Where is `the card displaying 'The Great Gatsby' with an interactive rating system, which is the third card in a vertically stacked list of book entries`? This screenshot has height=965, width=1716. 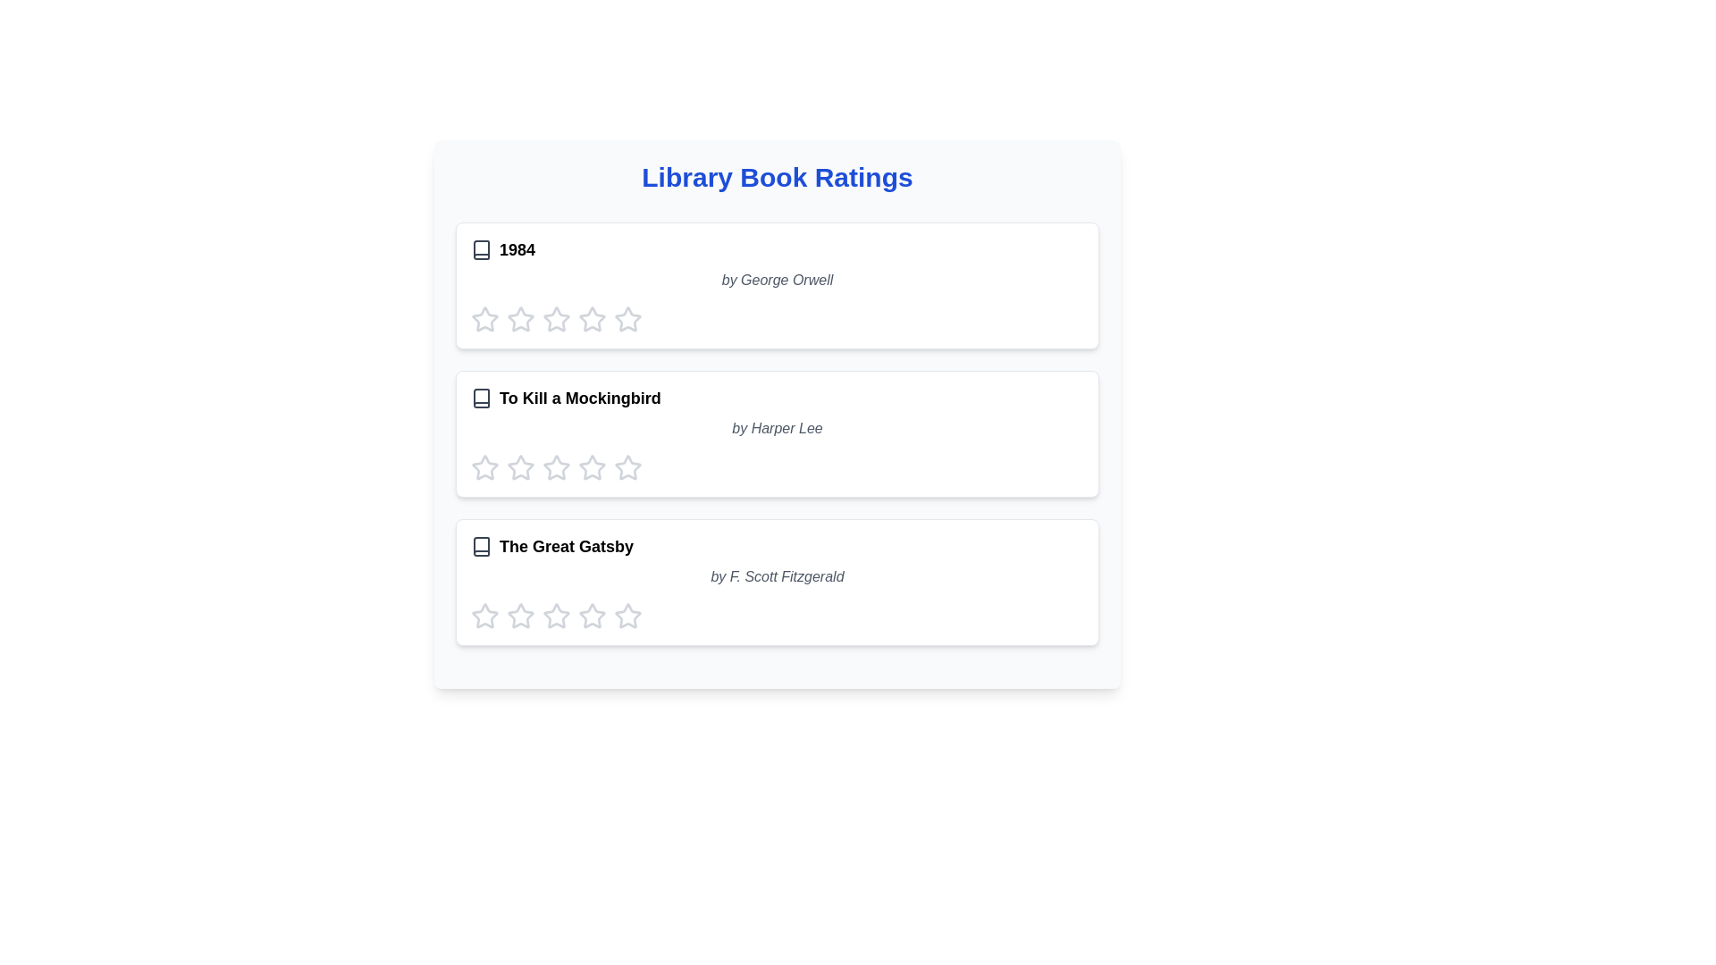
the card displaying 'The Great Gatsby' with an interactive rating system, which is the third card in a vertically stacked list of book entries is located at coordinates (777, 582).